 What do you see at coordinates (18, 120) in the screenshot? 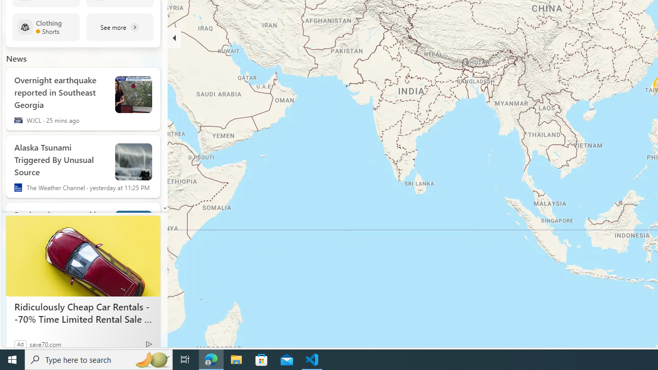
I see `'WJCL'` at bounding box center [18, 120].